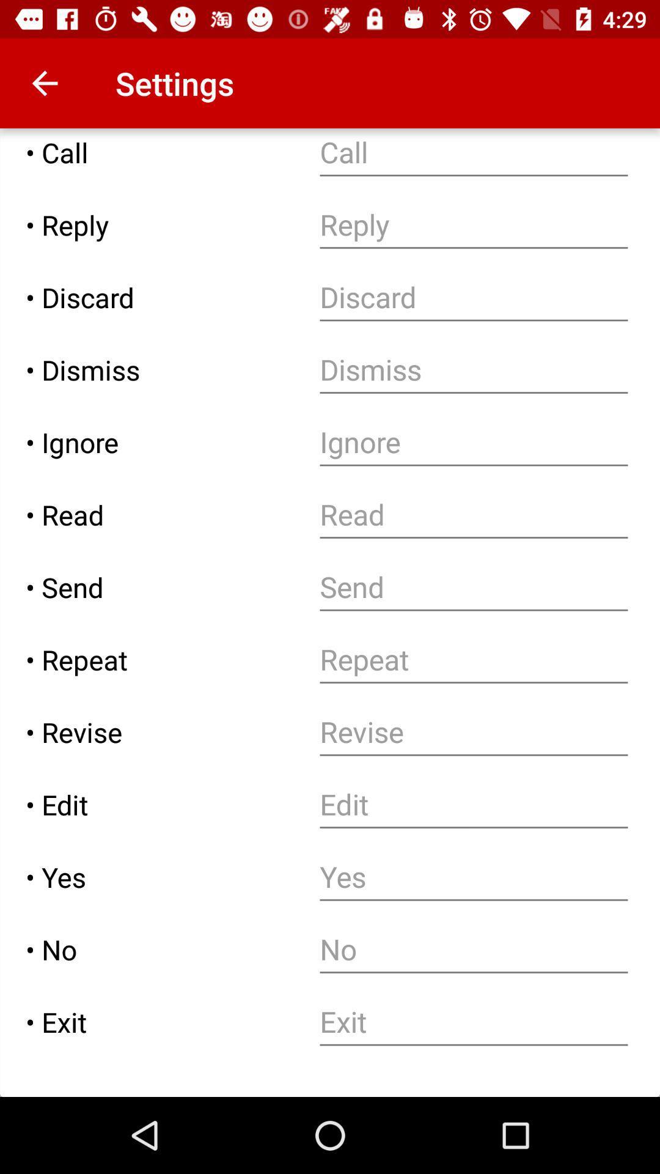  What do you see at coordinates (473, 805) in the screenshot?
I see `input the word edit` at bounding box center [473, 805].